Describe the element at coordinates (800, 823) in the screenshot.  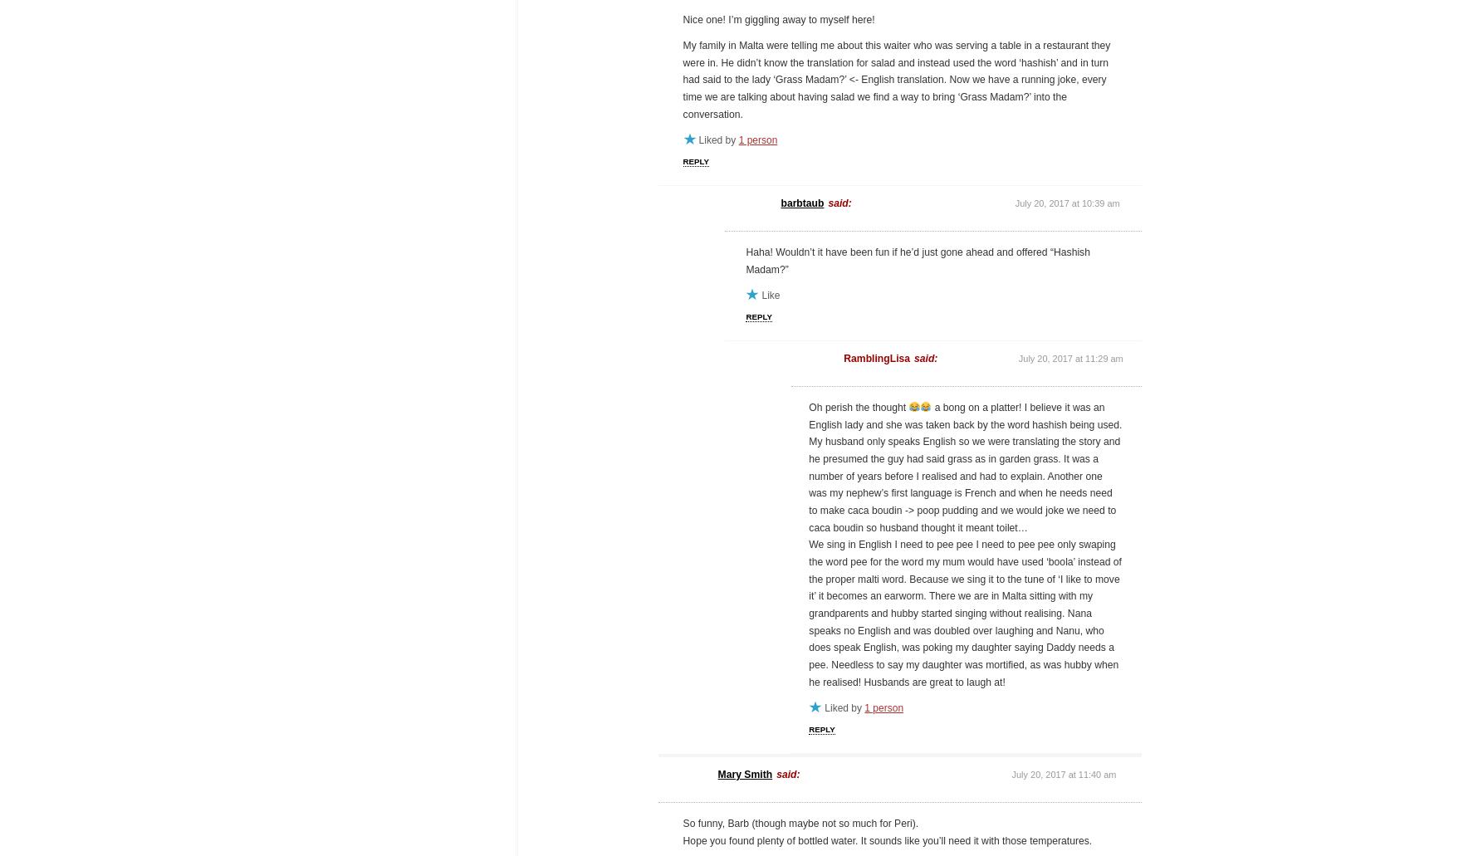
I see `'So funny, Barb (though maybe not so much for Peri).'` at that location.